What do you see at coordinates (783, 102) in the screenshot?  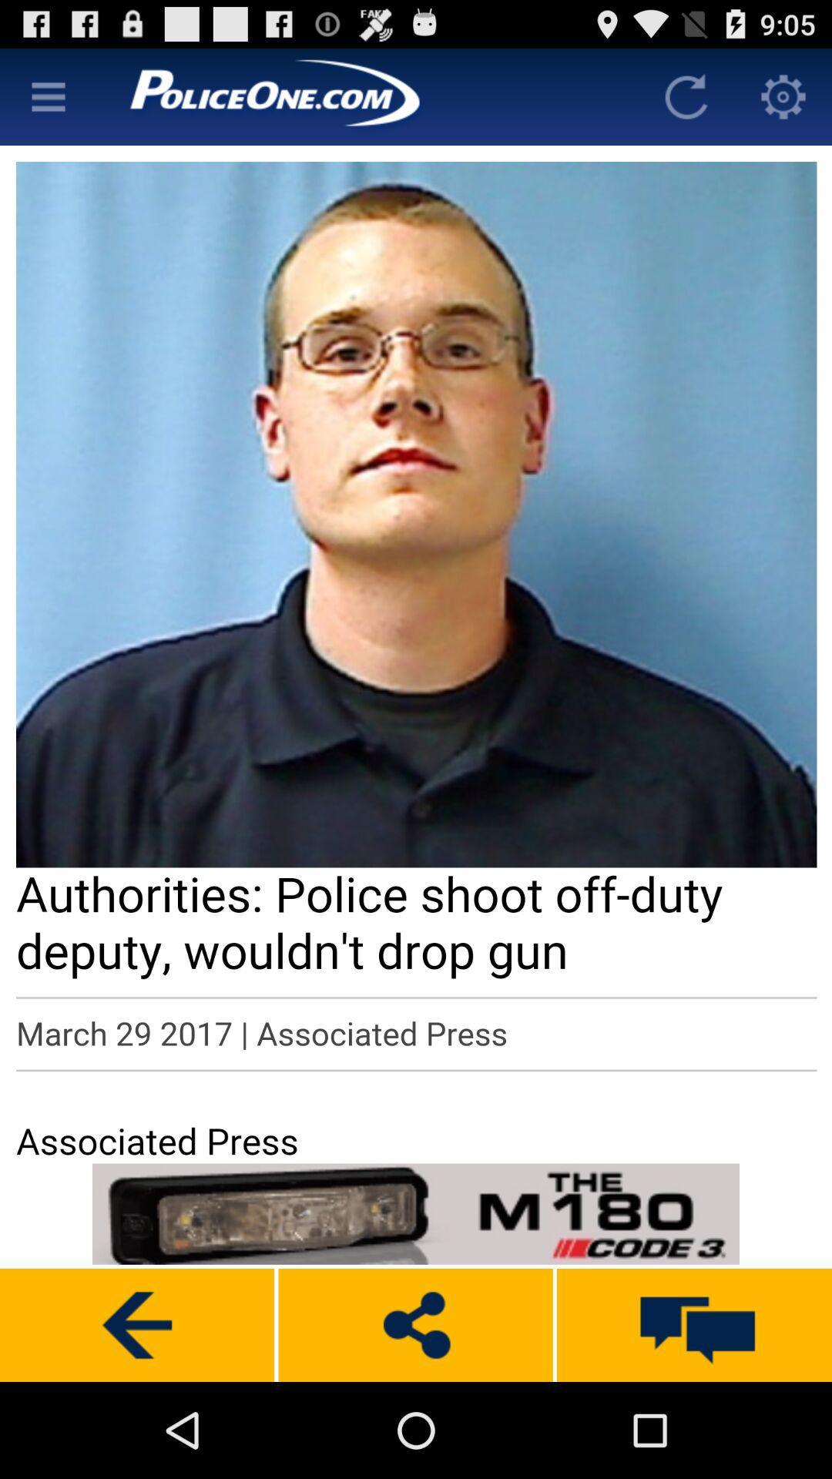 I see `the settings icon` at bounding box center [783, 102].